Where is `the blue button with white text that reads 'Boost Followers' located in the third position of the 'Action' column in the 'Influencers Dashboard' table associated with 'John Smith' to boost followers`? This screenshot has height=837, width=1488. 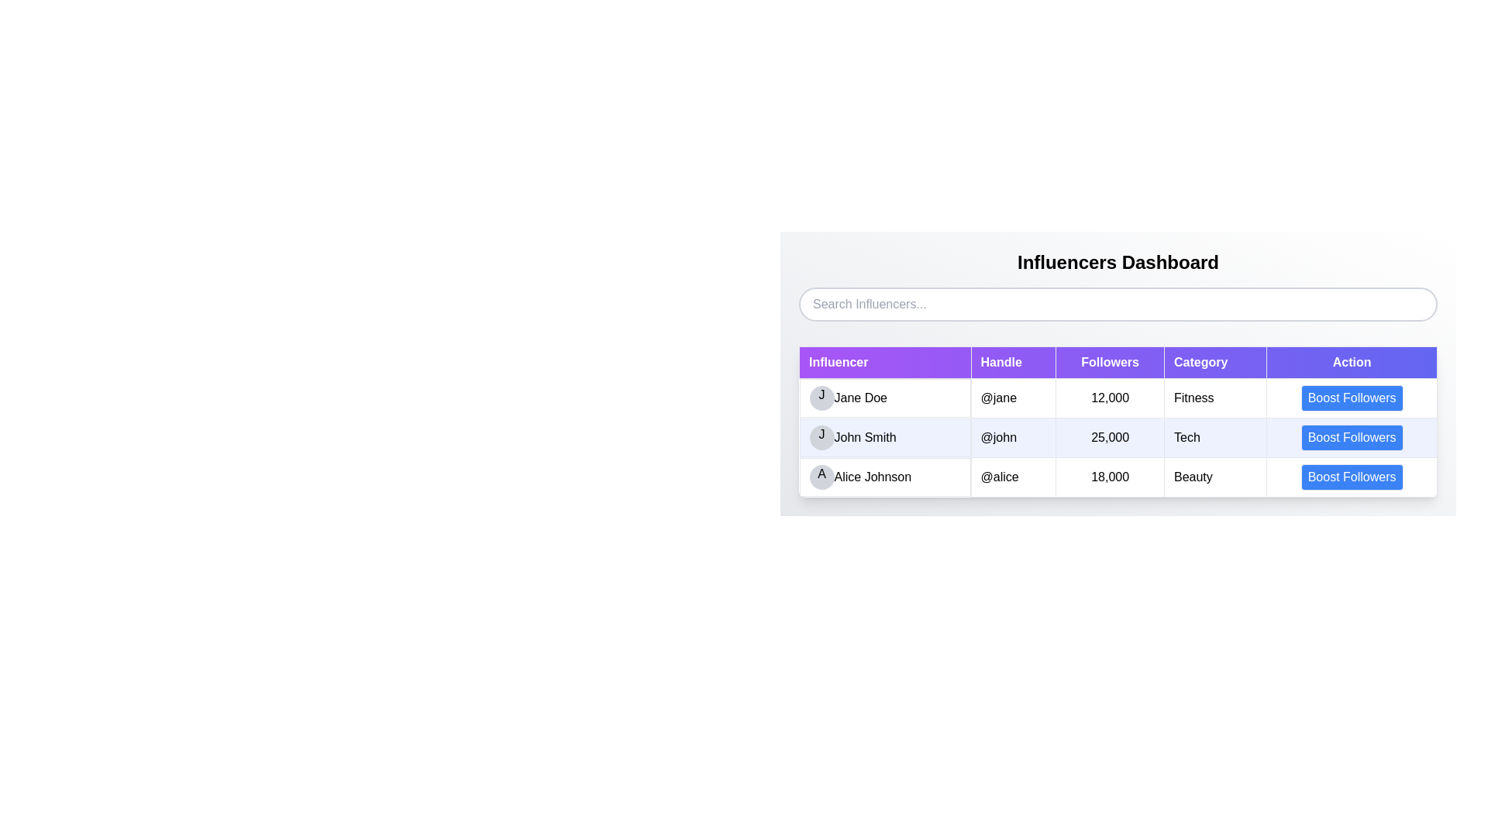 the blue button with white text that reads 'Boost Followers' located in the third position of the 'Action' column in the 'Influencers Dashboard' table associated with 'John Smith' to boost followers is located at coordinates (1351, 437).